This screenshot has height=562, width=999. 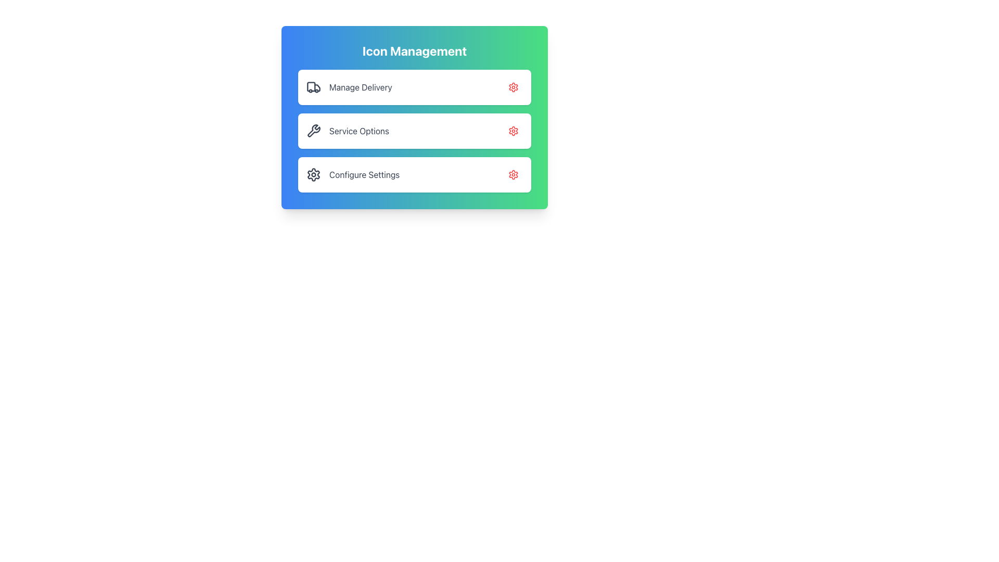 I want to click on the settings button for the 'Manage Delivery' section, so click(x=514, y=87).